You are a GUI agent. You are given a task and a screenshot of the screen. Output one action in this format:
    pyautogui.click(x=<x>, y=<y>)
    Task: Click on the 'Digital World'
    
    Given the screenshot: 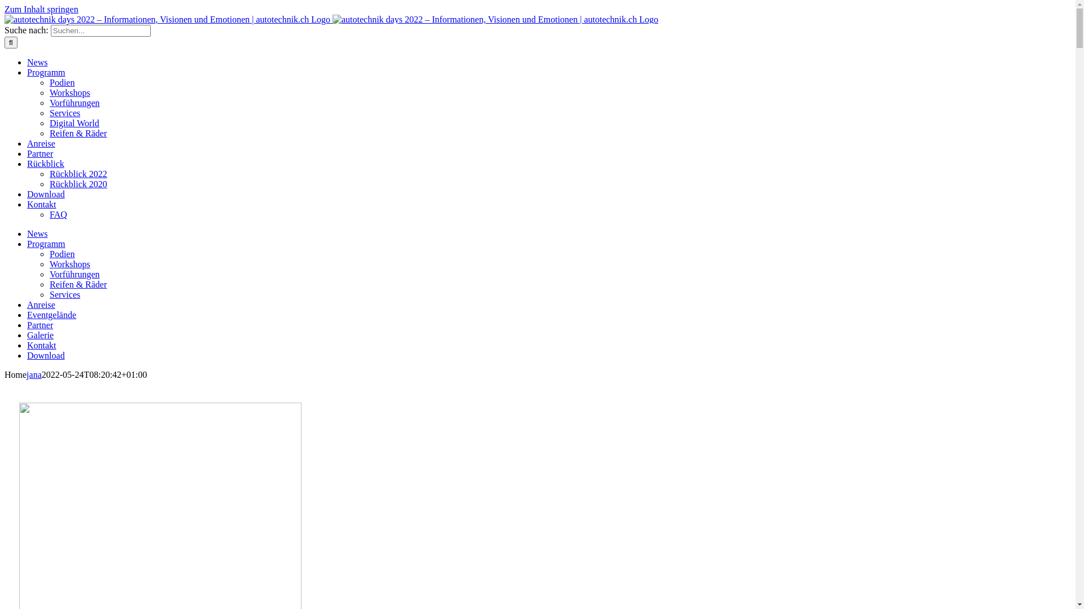 What is the action you would take?
    pyautogui.click(x=73, y=123)
    